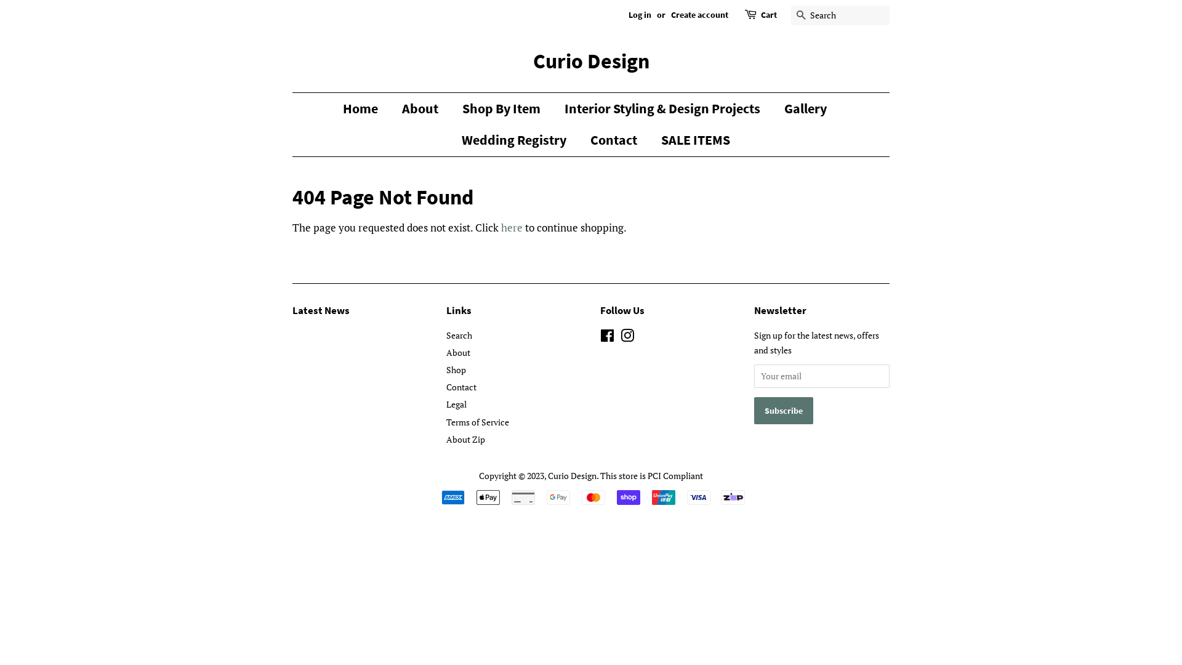 The height and width of the screenshot is (665, 1182). What do you see at coordinates (774, 108) in the screenshot?
I see `'Gallery'` at bounding box center [774, 108].